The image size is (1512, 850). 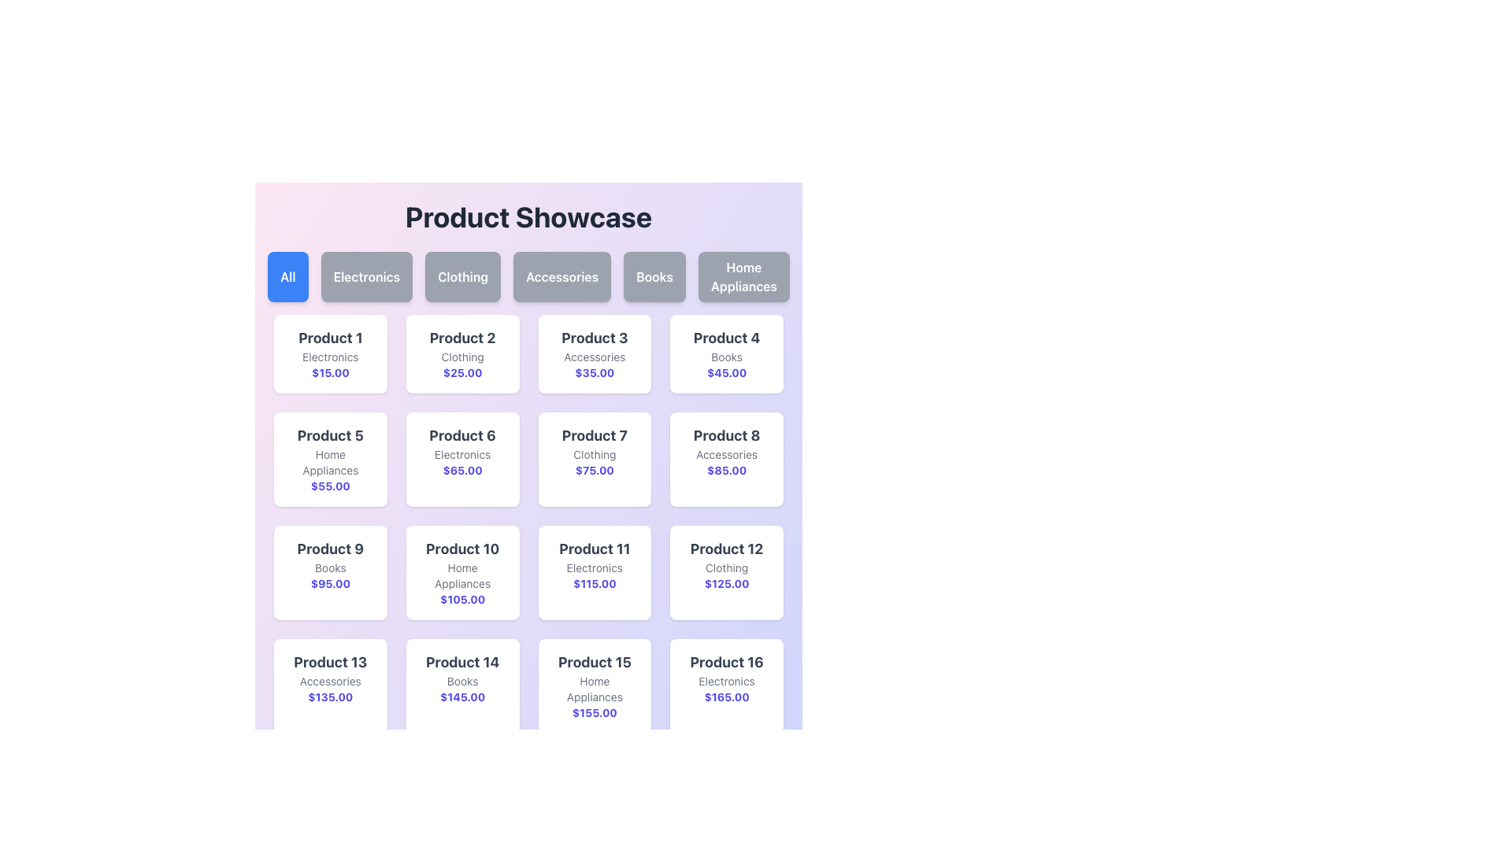 I want to click on the product card located in the first column and first row of the grid layout, which provides essential information about a specific product, so click(x=329, y=354).